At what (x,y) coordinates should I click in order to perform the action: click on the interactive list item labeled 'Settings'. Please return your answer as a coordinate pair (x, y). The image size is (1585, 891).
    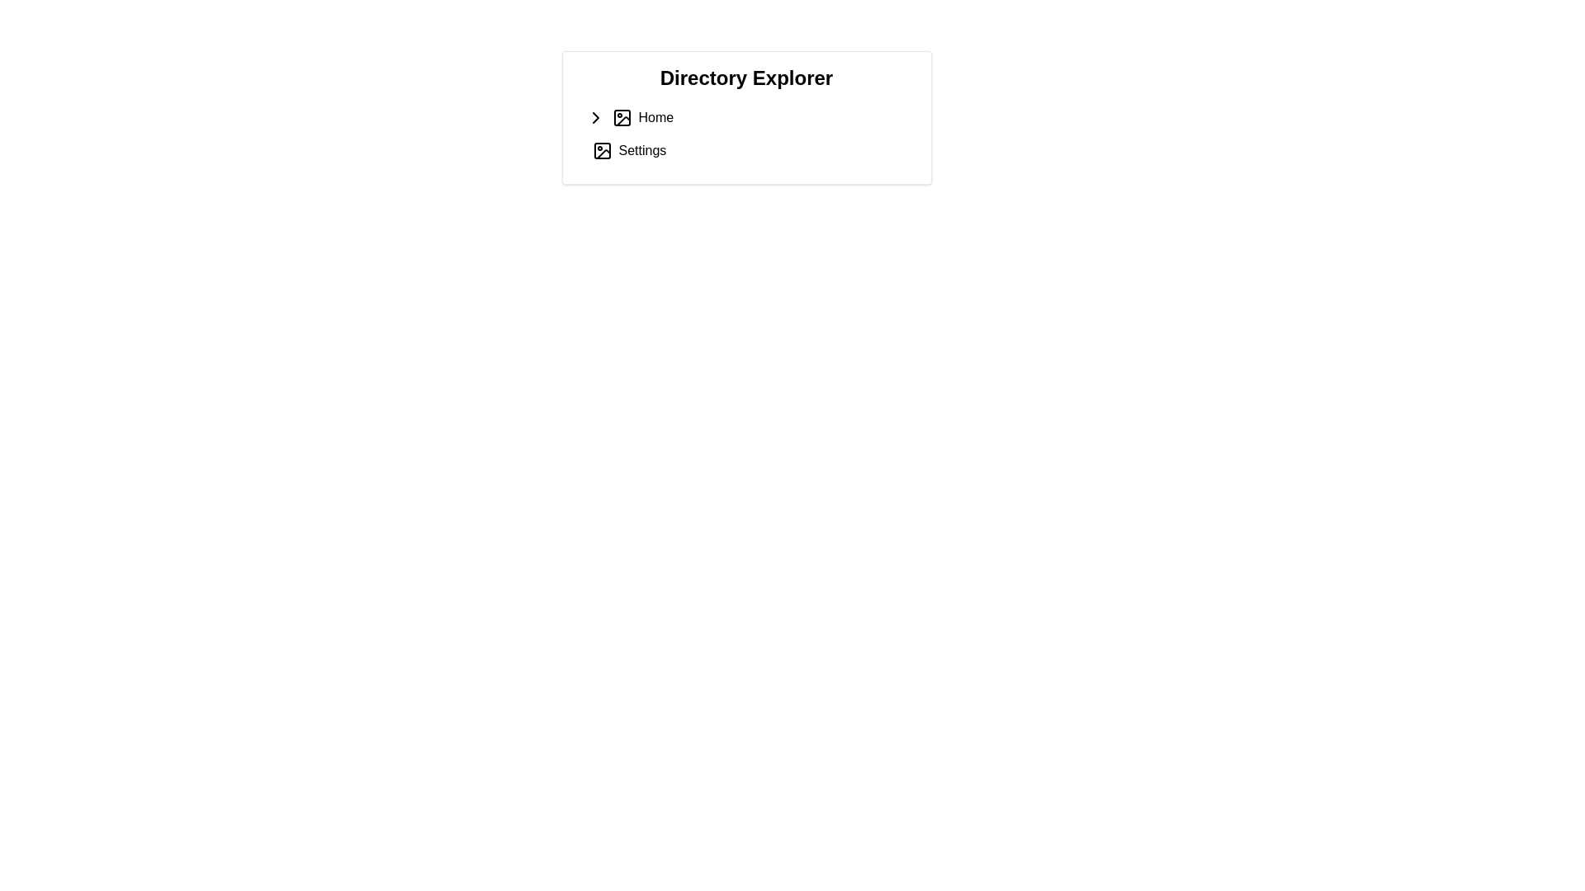
    Looking at the image, I should click on (745, 150).